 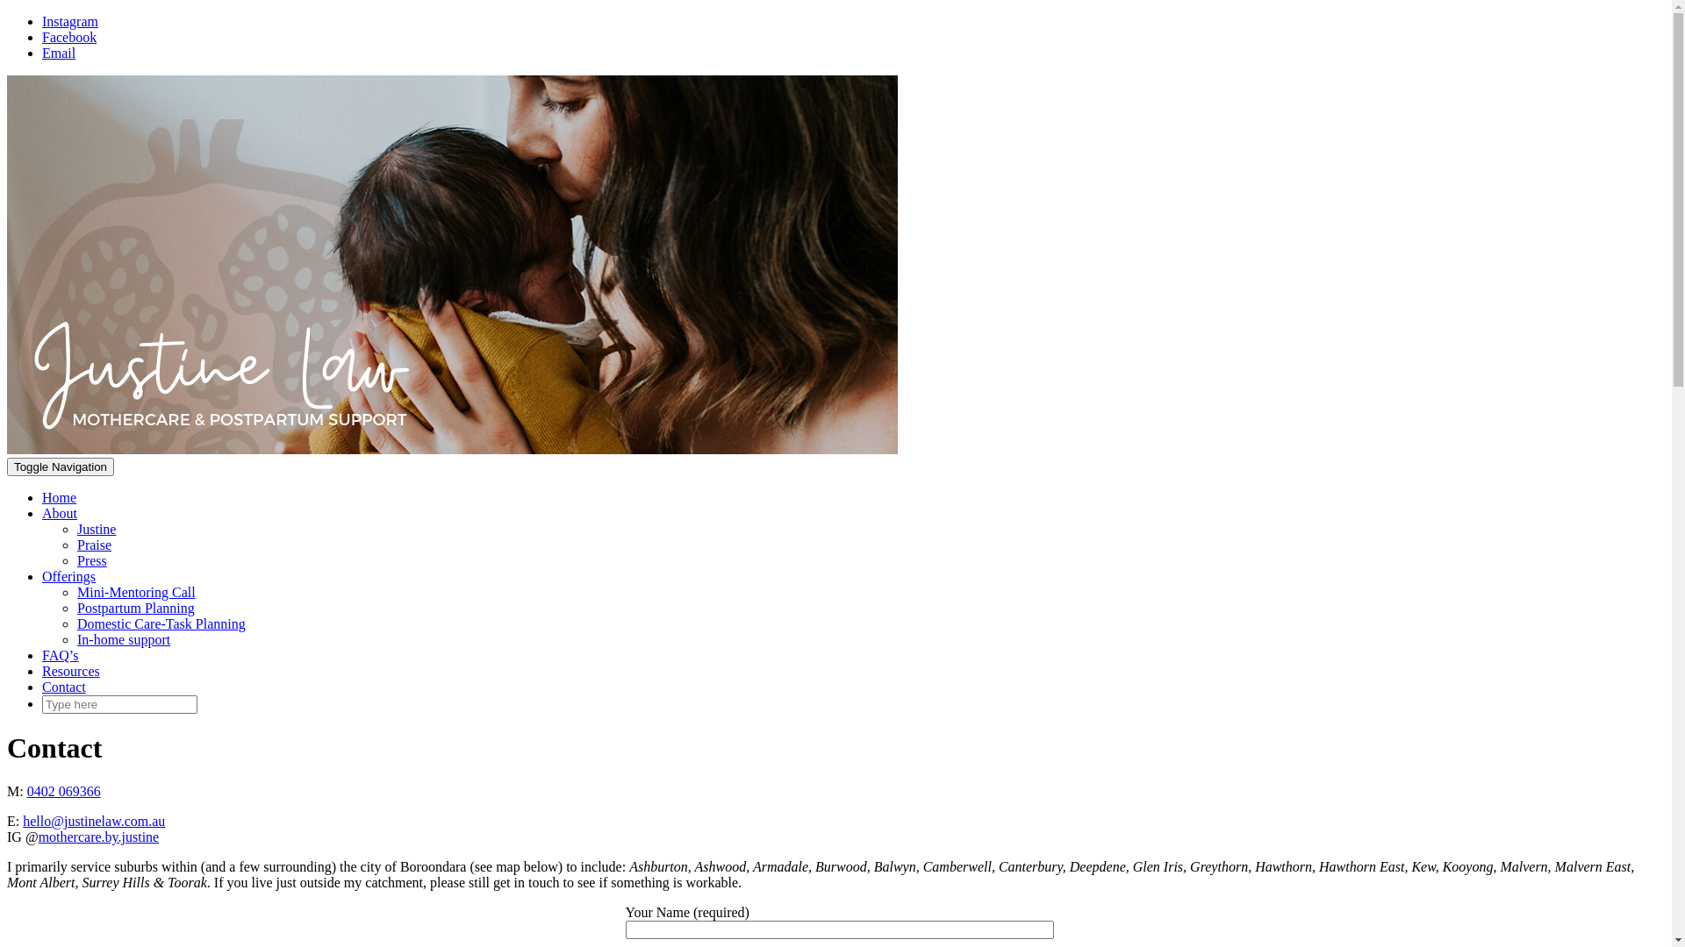 I want to click on 'Praise', so click(x=93, y=544).